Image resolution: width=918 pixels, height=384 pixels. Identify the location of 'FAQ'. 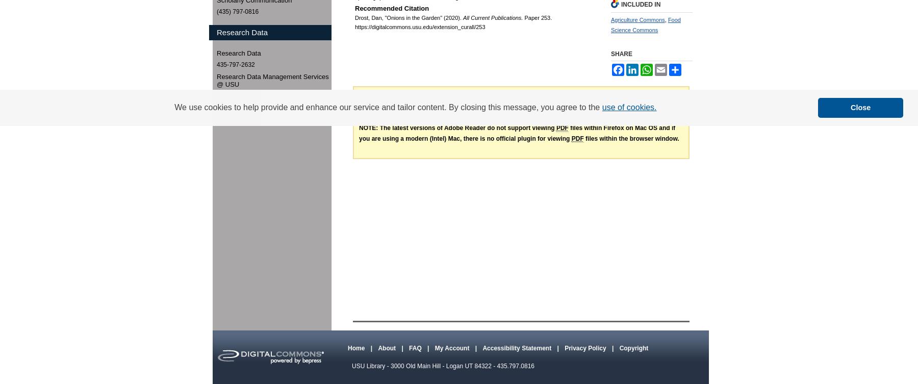
(409, 347).